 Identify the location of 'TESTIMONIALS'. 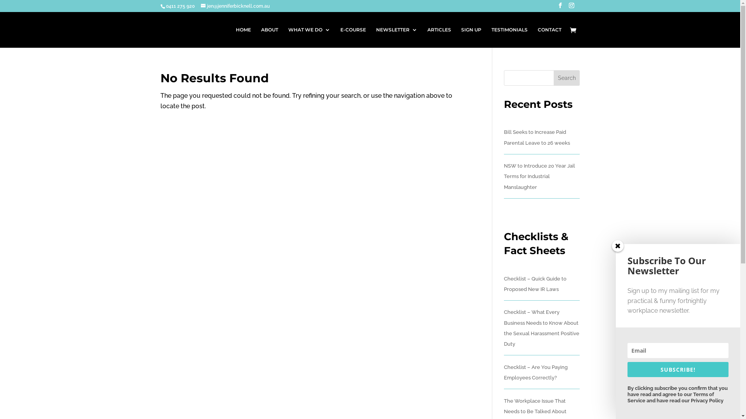
(509, 37).